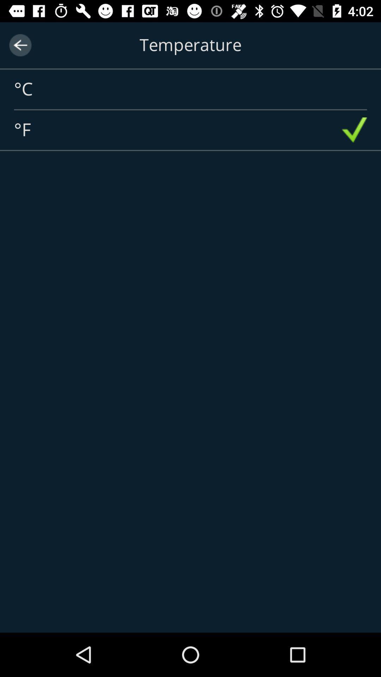  Describe the element at coordinates (20, 45) in the screenshot. I see `the arrow_backward icon` at that location.